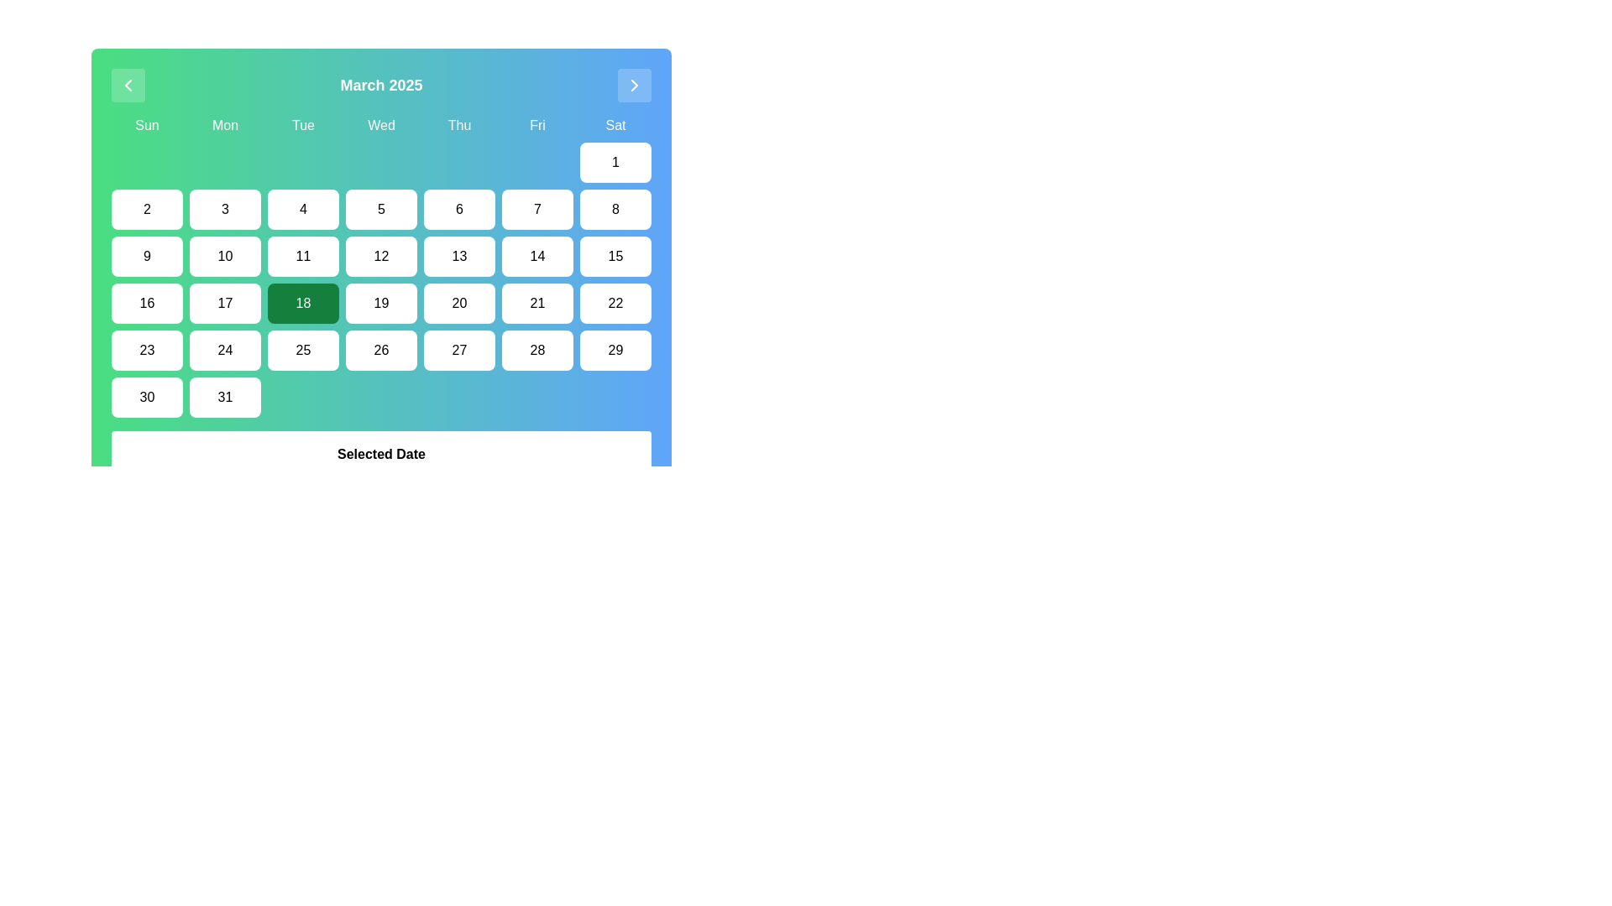 The image size is (1612, 906). What do you see at coordinates (147, 349) in the screenshot?
I see `the rectangular button displaying the text '23' in the sixth row and first column of the calendar grid` at bounding box center [147, 349].